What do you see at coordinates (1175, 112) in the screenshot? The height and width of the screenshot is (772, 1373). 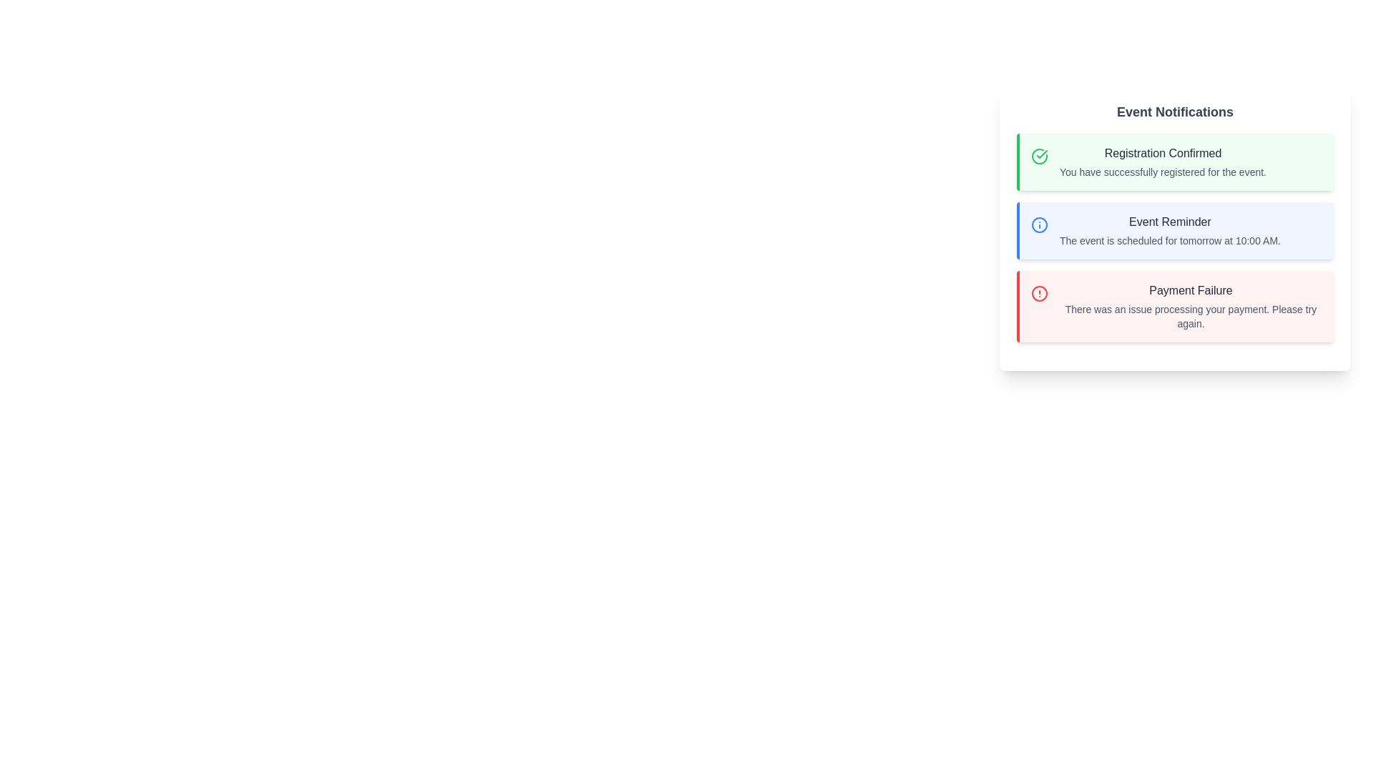 I see `the central text label indicating the section's purpose for notifications` at bounding box center [1175, 112].